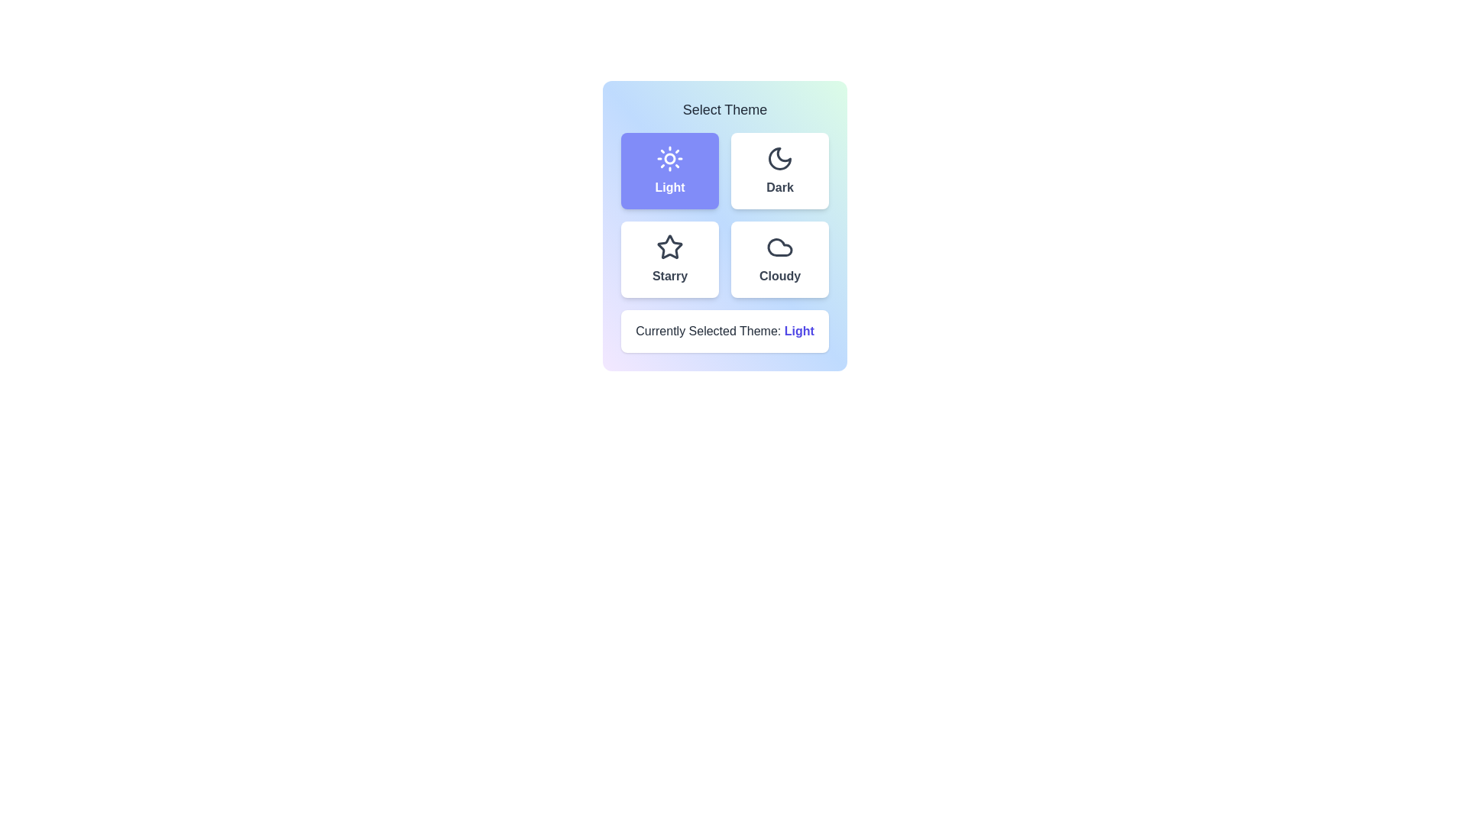 The width and height of the screenshot is (1467, 825). What do you see at coordinates (670, 170) in the screenshot?
I see `the theme Light by clicking on its button` at bounding box center [670, 170].